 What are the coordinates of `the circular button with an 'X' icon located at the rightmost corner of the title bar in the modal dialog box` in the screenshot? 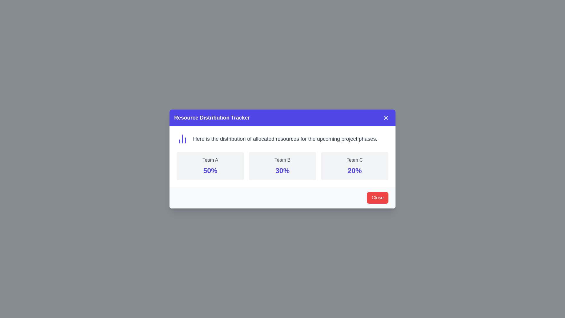 It's located at (386, 118).